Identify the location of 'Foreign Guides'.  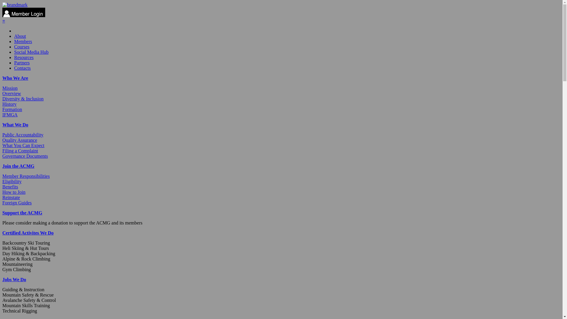
(2, 202).